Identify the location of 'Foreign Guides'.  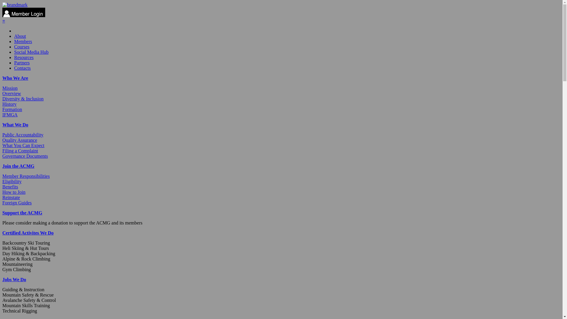
(2, 202).